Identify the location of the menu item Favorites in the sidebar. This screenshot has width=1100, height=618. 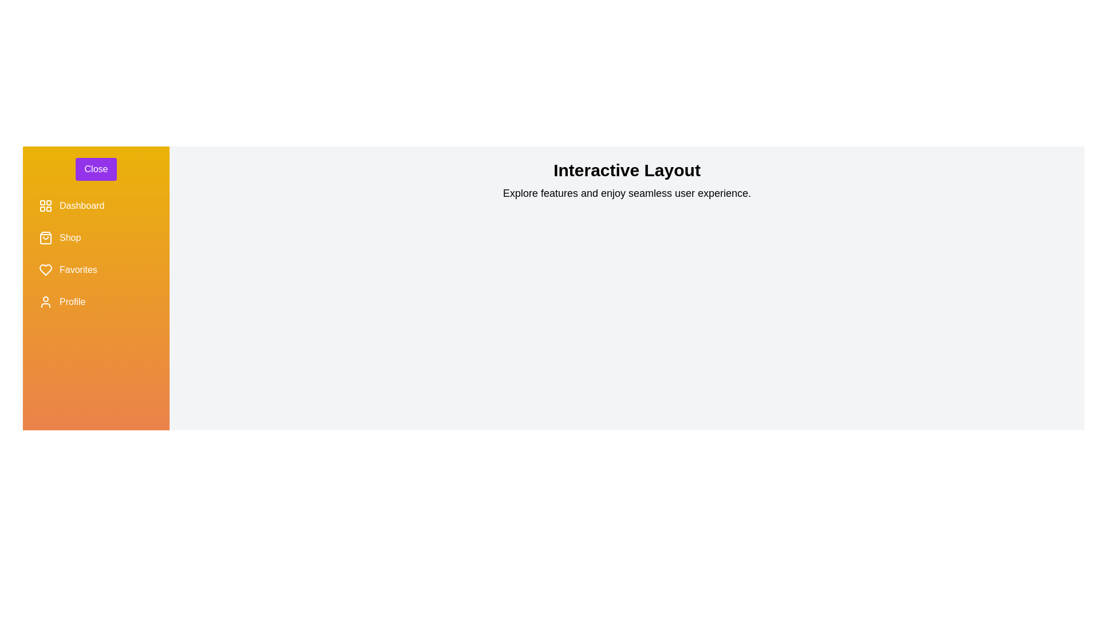
(96, 270).